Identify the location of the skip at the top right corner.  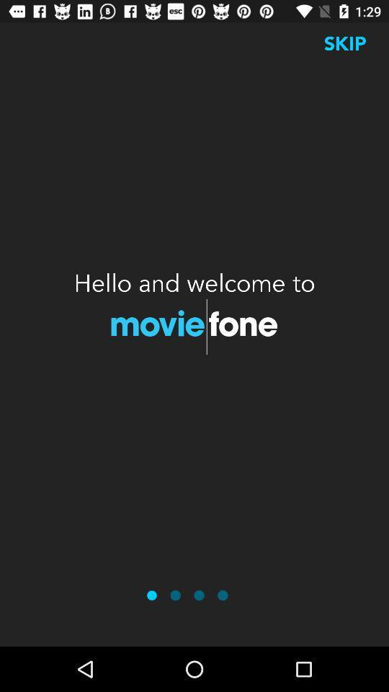
(344, 43).